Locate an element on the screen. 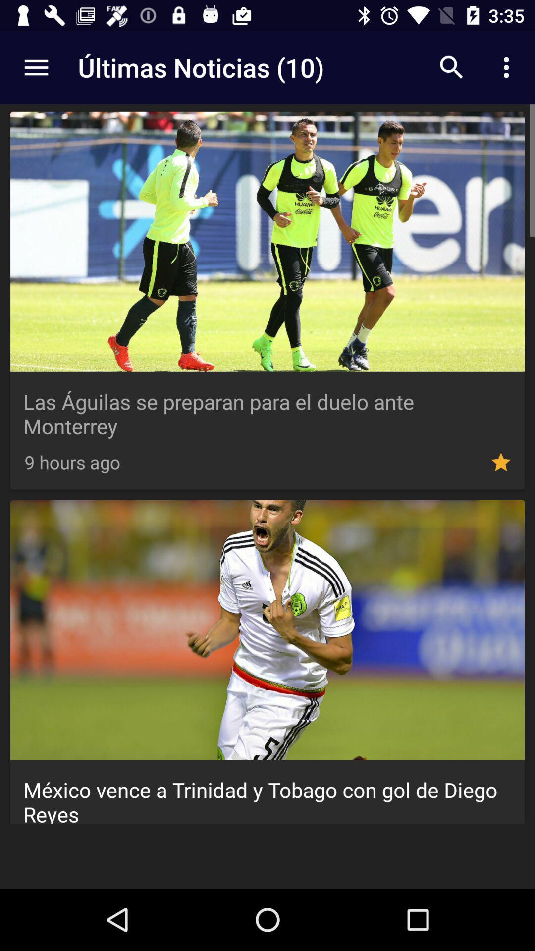  the option which indicates star is located at coordinates (501, 462).